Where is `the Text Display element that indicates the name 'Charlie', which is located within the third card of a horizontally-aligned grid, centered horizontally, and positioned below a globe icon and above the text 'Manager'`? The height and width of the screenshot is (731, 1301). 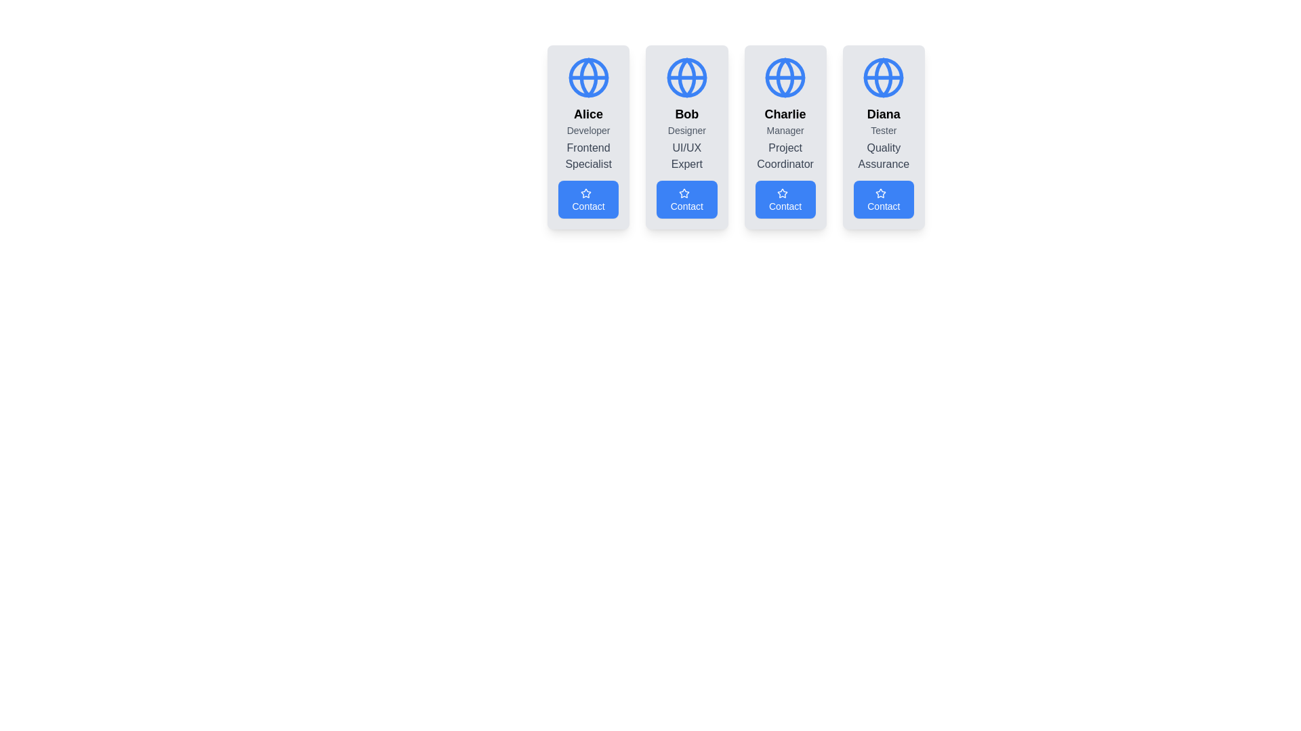
the Text Display element that indicates the name 'Charlie', which is located within the third card of a horizontally-aligned grid, centered horizontally, and positioned below a globe icon and above the text 'Manager' is located at coordinates (785, 114).